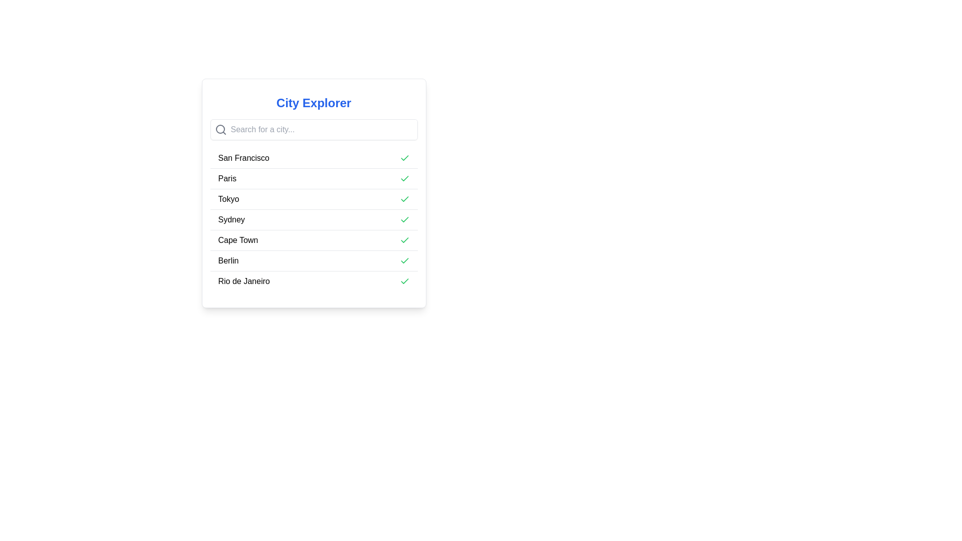 Image resolution: width=962 pixels, height=541 pixels. Describe the element at coordinates (404, 219) in the screenshot. I see `the green checkmark icon located to the right of the 'Sydney' text row in the list, which is centered vertically with respect to this row` at that location.